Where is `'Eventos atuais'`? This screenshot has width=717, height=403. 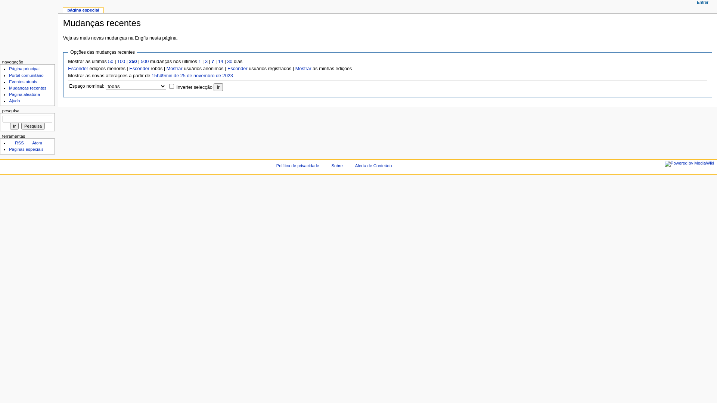
'Eventos atuais' is located at coordinates (23, 82).